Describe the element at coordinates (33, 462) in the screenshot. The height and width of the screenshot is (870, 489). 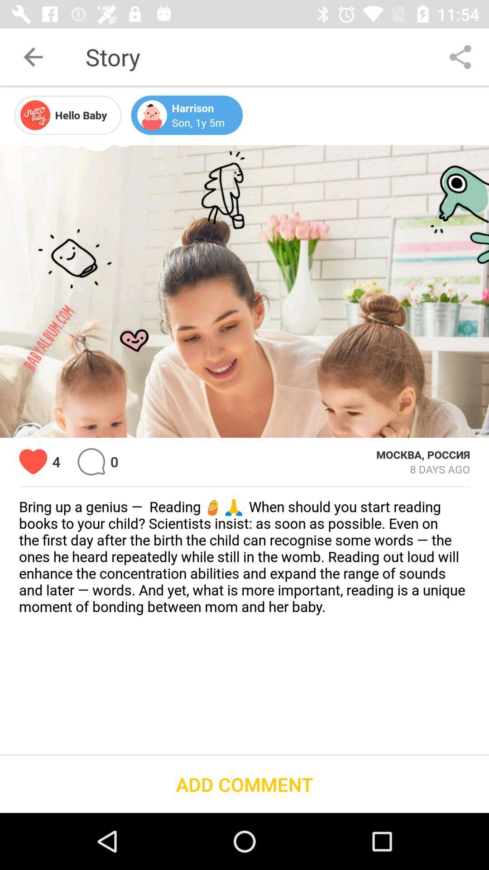
I see `icon next to the 4 item` at that location.